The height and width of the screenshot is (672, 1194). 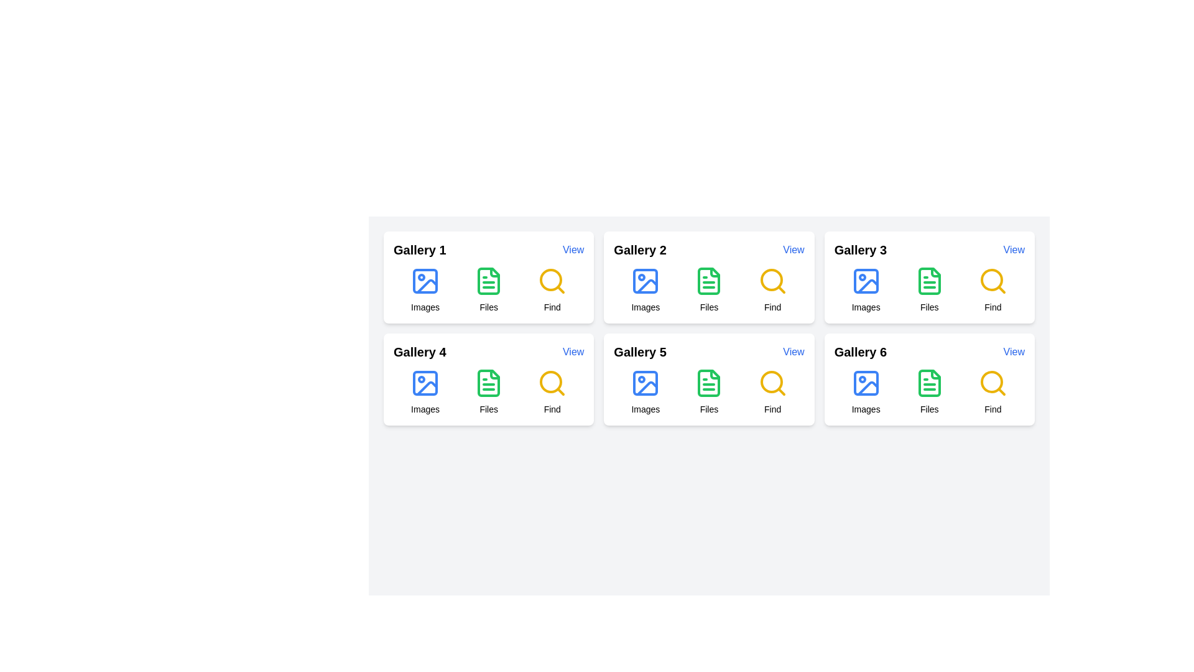 I want to click on the yellow magnifying glass icon followed by the text 'Find' in Gallery 4, so click(x=552, y=391).